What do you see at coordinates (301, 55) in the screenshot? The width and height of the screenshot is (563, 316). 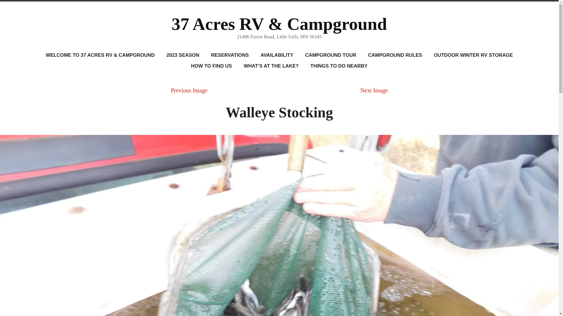 I see `'CAMPGROUND TOUR'` at bounding box center [301, 55].